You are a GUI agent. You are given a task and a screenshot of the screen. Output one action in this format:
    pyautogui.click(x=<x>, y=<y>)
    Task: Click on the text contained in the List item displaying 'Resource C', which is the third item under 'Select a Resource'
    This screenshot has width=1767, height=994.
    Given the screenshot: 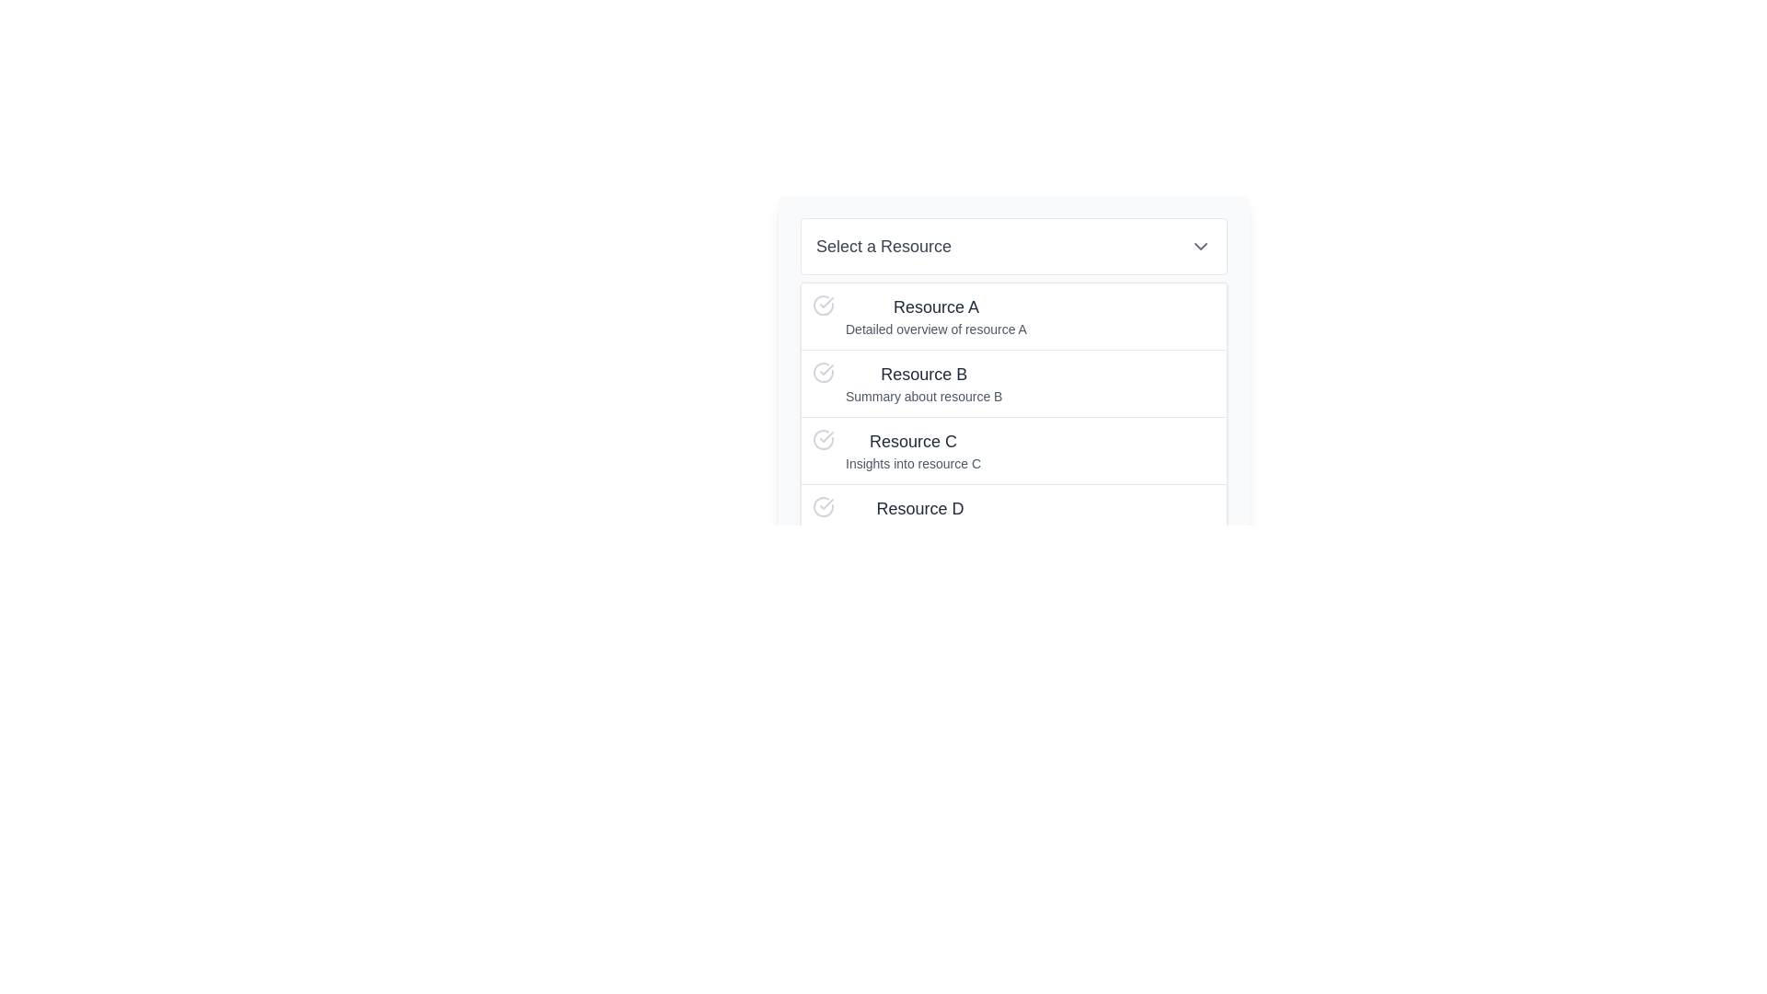 What is the action you would take?
    pyautogui.click(x=913, y=450)
    